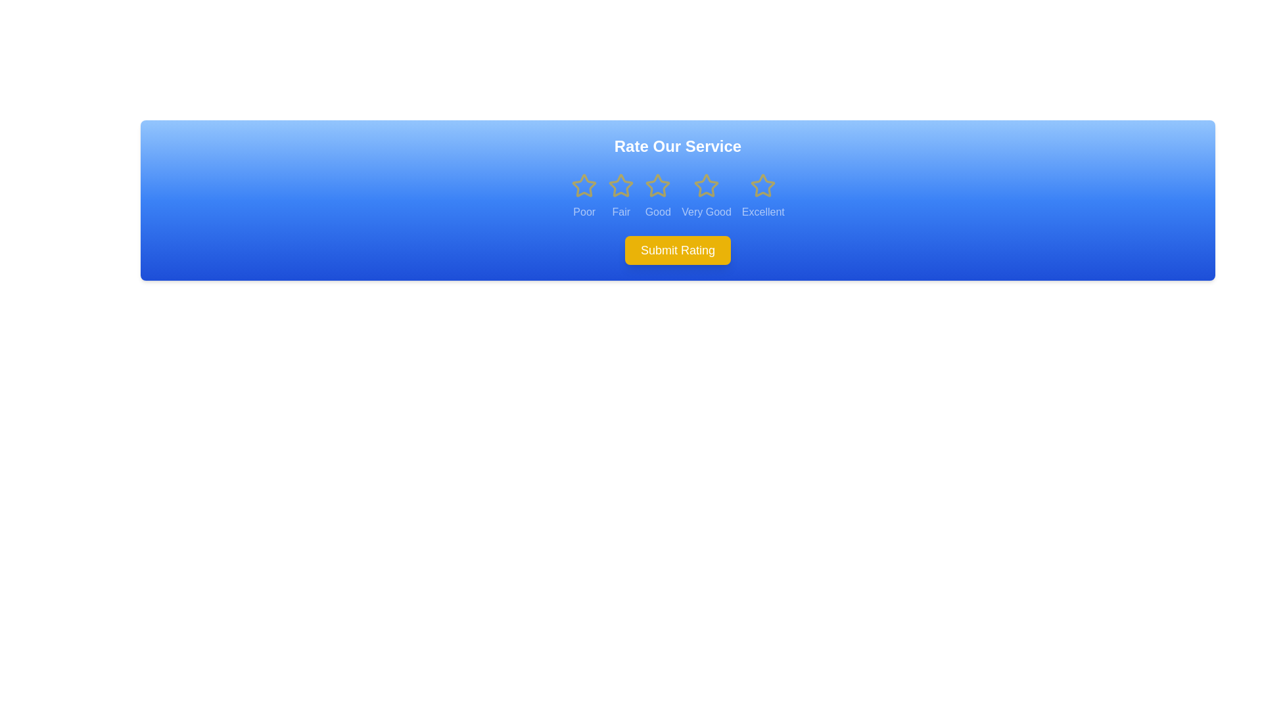  What do you see at coordinates (678, 250) in the screenshot?
I see `the 'Submit Rating' button, which has a yellow background and white text, located below the rating stars in a blue gradient section` at bounding box center [678, 250].